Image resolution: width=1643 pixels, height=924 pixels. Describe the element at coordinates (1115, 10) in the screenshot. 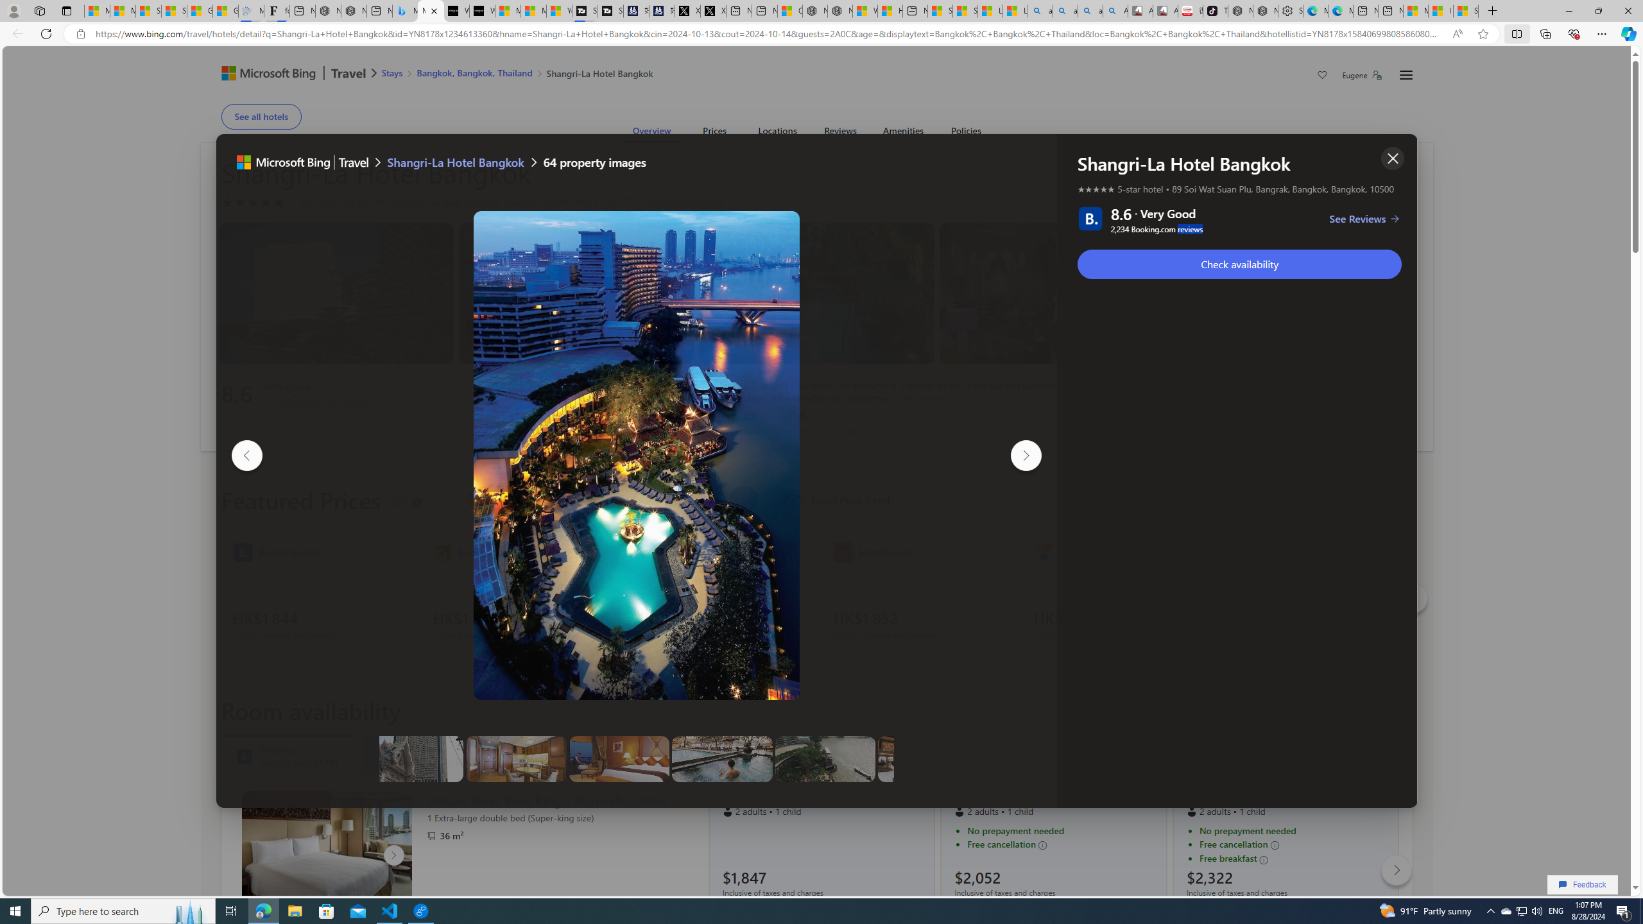

I see `'Amazon Echo Robot - Search Images'` at that location.